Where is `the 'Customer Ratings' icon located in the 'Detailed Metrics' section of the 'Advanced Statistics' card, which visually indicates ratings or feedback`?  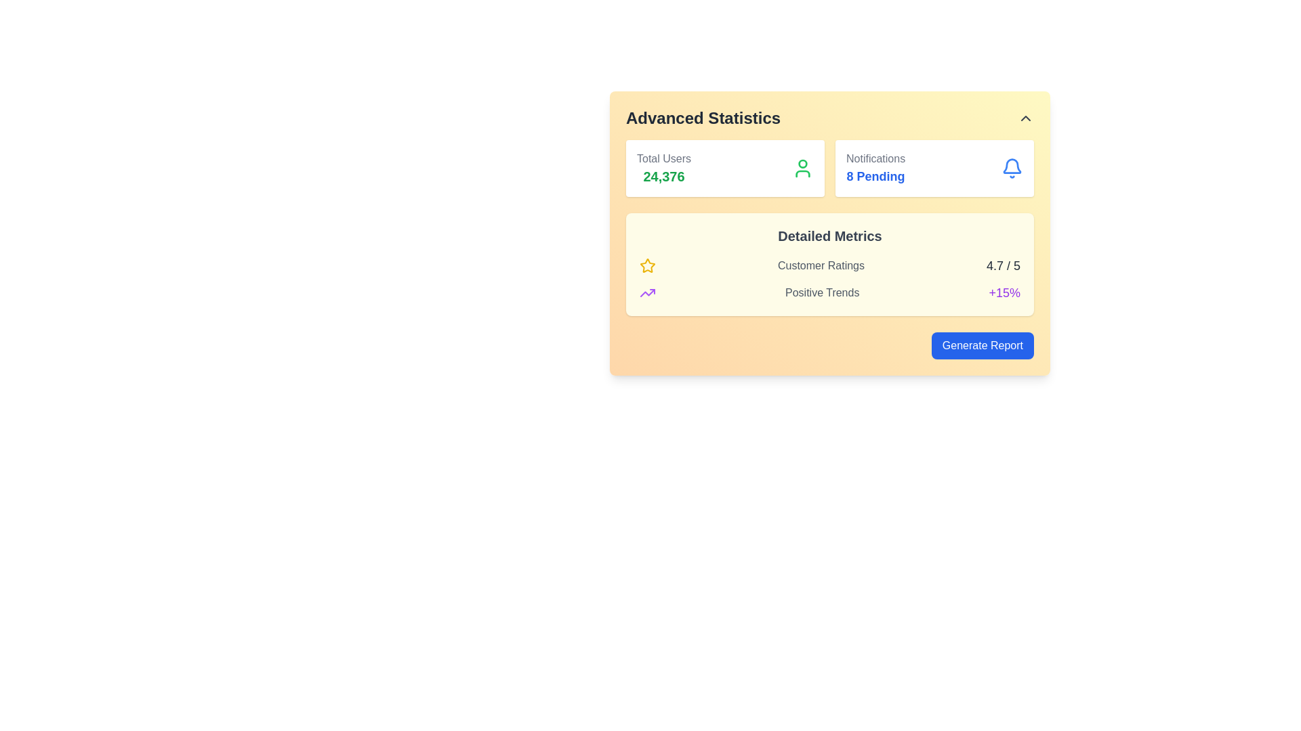
the 'Customer Ratings' icon located in the 'Detailed Metrics' section of the 'Advanced Statistics' card, which visually indicates ratings or feedback is located at coordinates (646, 266).